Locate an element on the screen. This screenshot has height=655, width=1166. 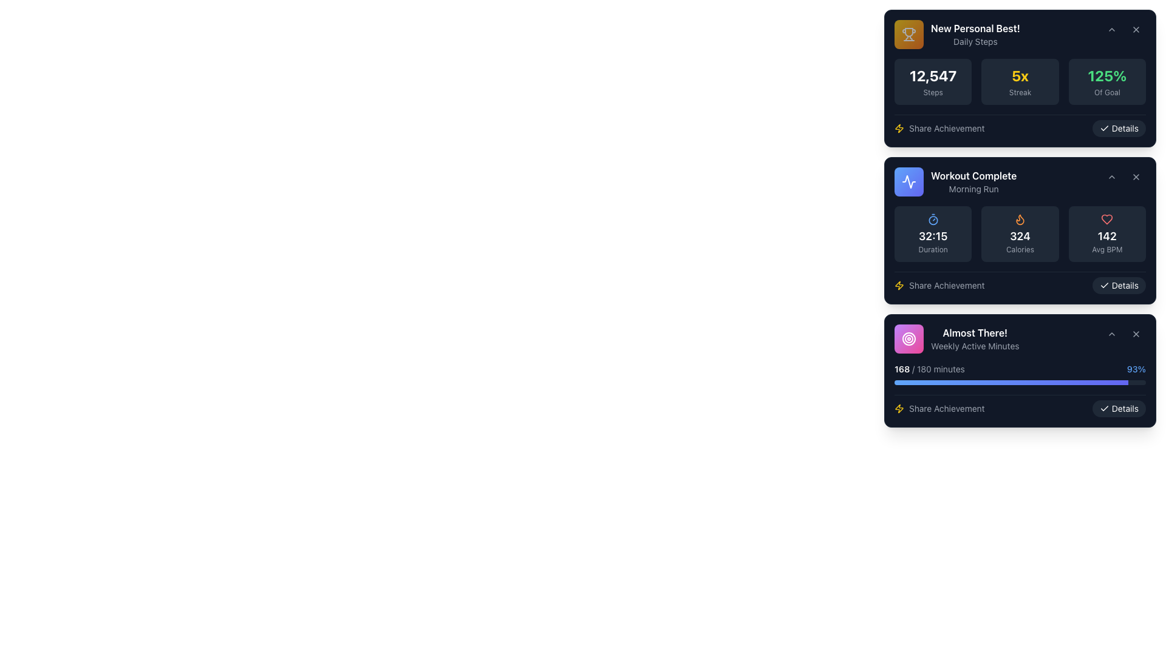
the 'Details' button with a dark gray background and white text, located in the 'Share Achievement' section of the 'New Personal Best!' card is located at coordinates (1118, 129).